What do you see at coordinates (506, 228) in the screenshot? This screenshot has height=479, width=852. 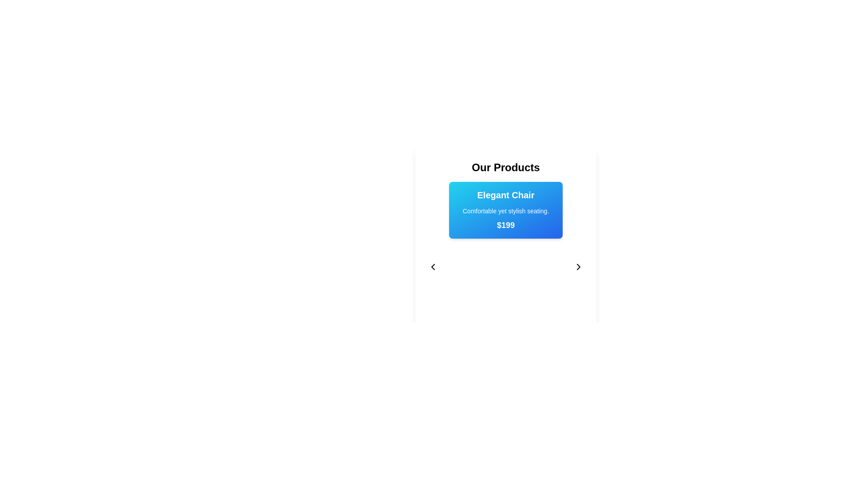 I see `the product card displaying details of 'Elegant Chair' in the carousel, located beneath 'Our Products'` at bounding box center [506, 228].